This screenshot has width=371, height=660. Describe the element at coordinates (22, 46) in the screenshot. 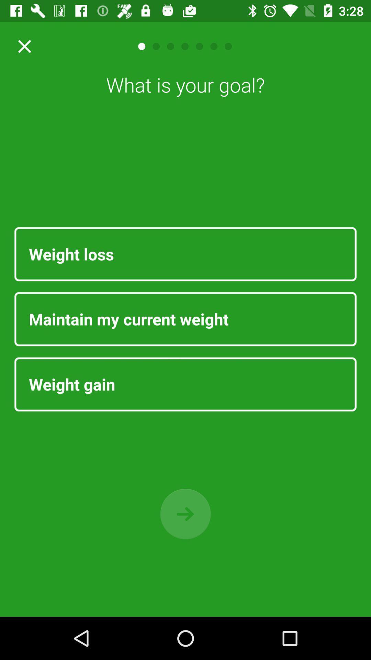

I see `close` at that location.